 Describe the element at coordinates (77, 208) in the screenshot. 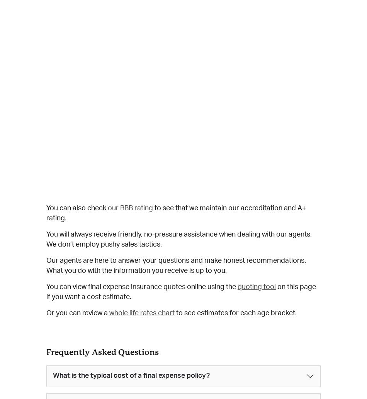

I see `'You can also check'` at that location.